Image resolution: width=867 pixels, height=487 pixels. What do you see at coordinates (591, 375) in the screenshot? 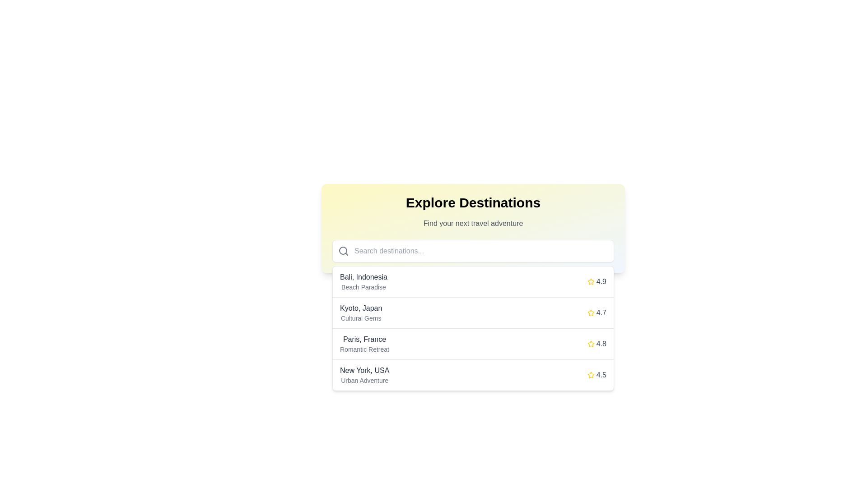
I see `the yellow star-shaped rating icon associated with the rating '4.5' for the destination 'New York, USA'` at bounding box center [591, 375].